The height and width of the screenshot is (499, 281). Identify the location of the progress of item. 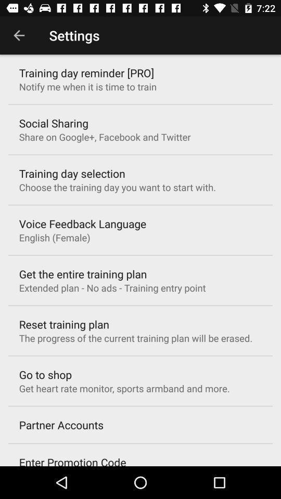
(135, 337).